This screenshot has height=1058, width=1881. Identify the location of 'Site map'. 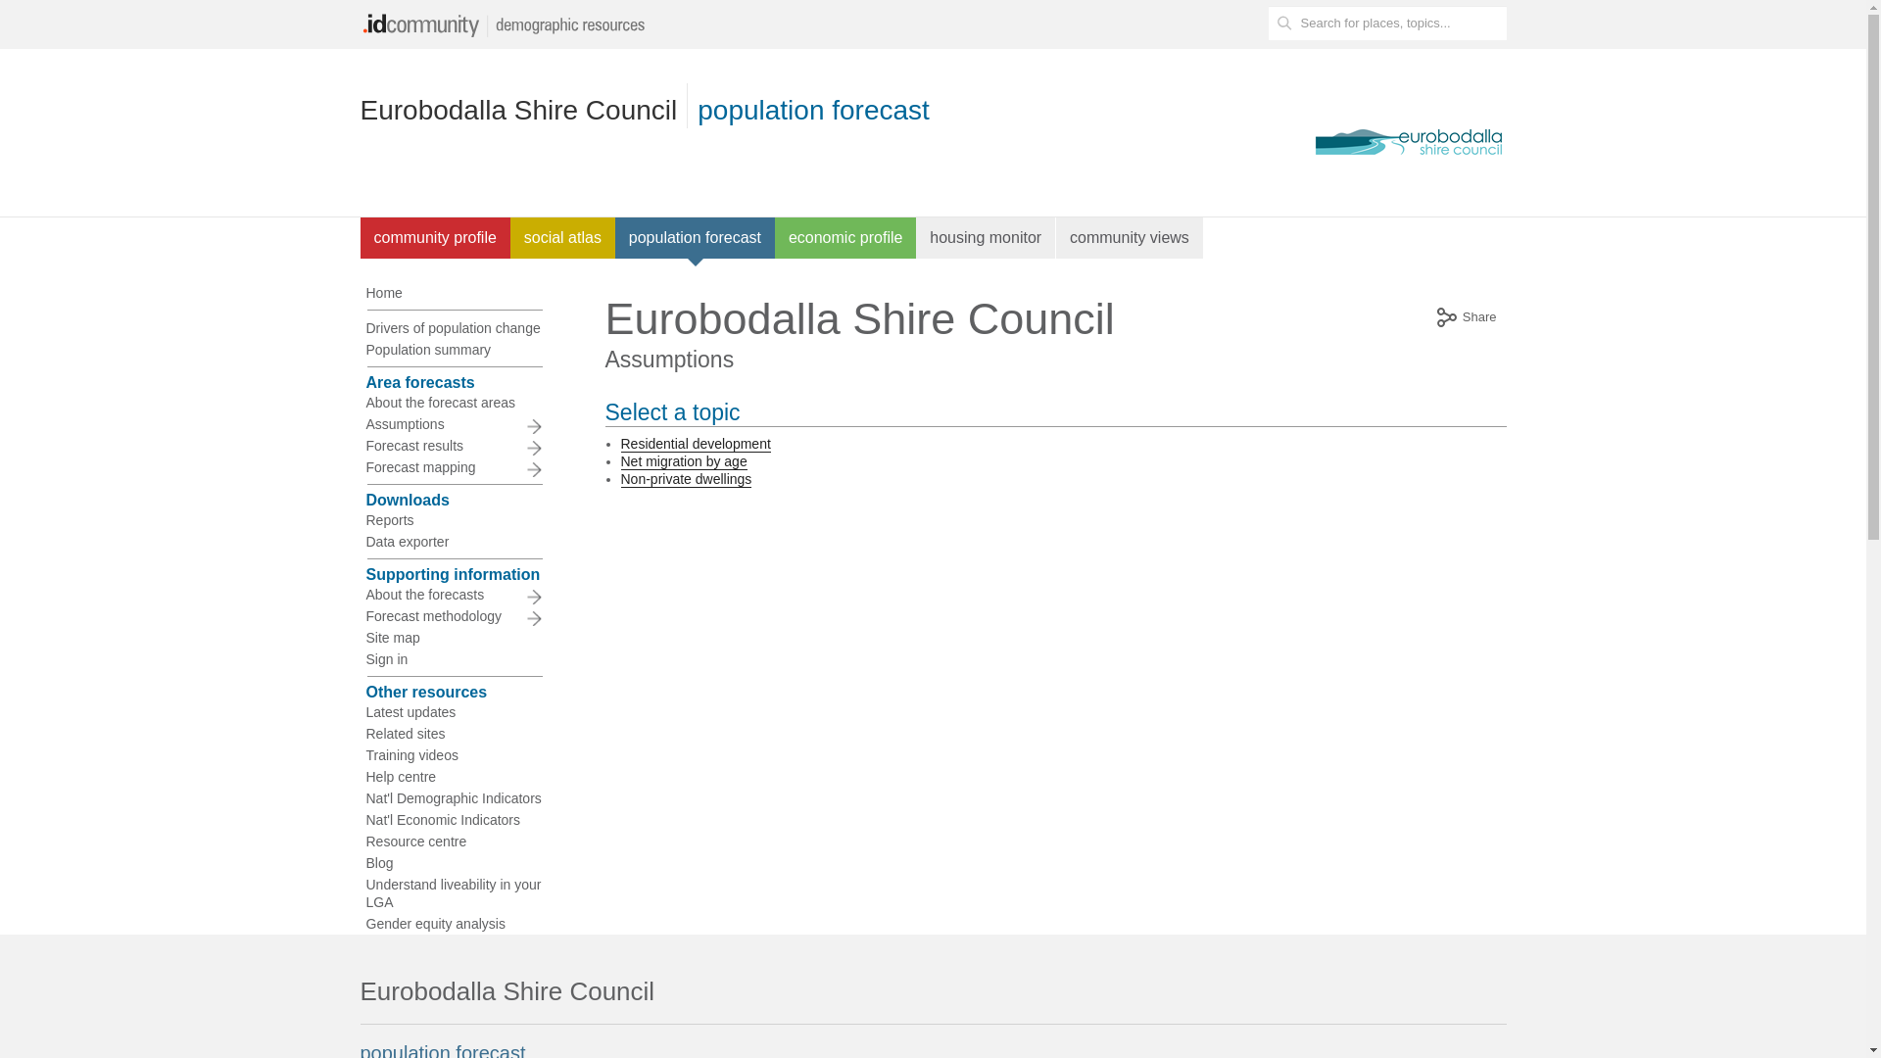
(452, 638).